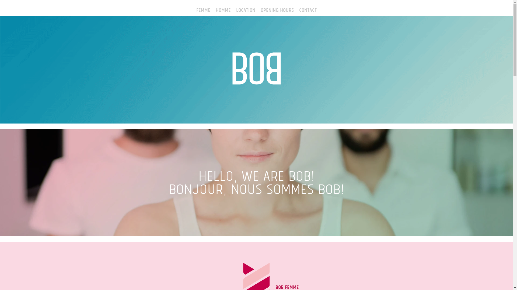 The width and height of the screenshot is (517, 290). What do you see at coordinates (233, 9) in the screenshot?
I see `'Location'` at bounding box center [233, 9].